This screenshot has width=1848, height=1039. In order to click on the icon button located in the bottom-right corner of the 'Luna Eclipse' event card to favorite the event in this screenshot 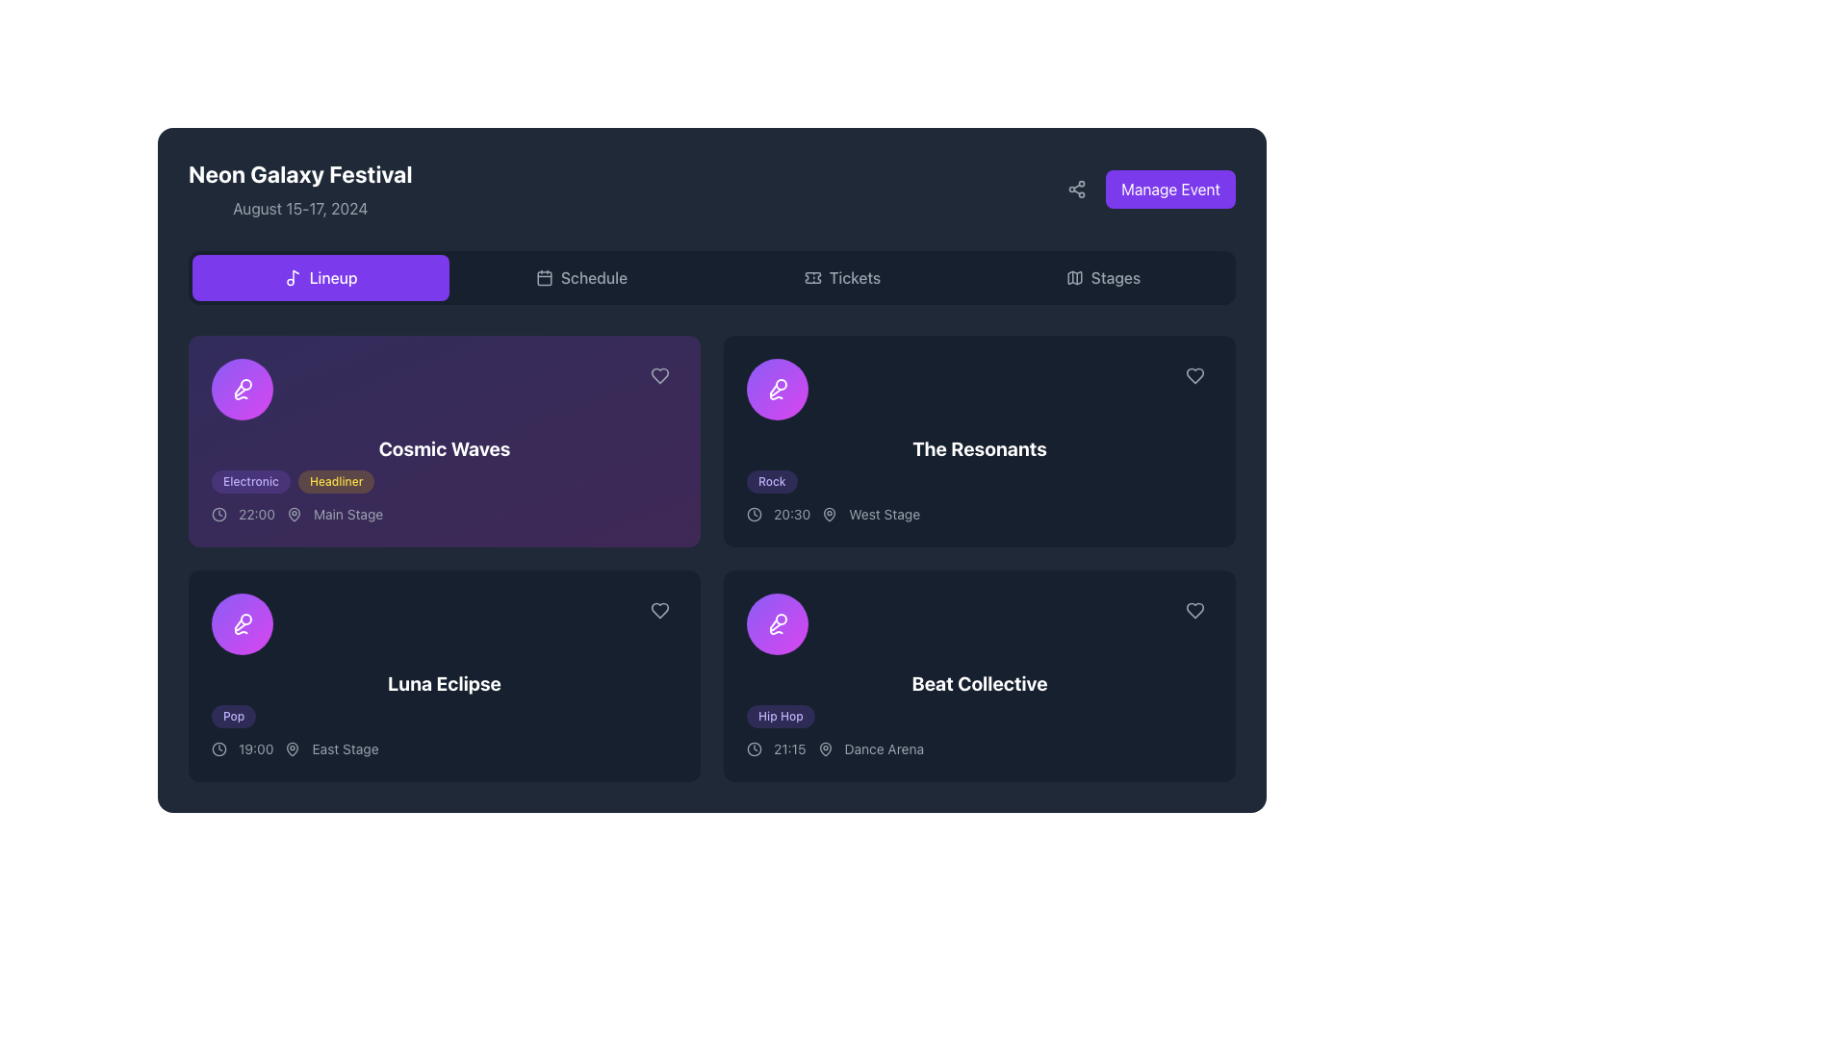, I will do `click(660, 611)`.